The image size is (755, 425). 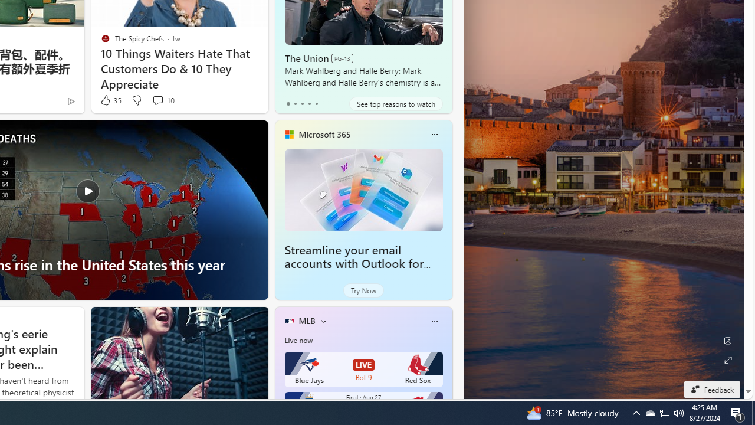 I want to click on 'View comments 10 Comment', so click(x=157, y=99).